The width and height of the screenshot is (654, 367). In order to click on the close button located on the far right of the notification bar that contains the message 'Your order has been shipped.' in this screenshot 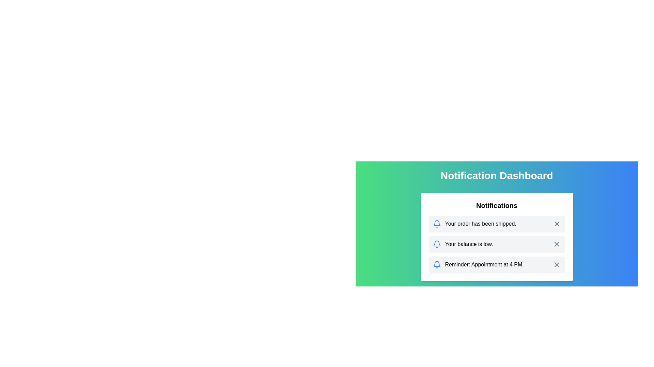, I will do `click(557, 224)`.